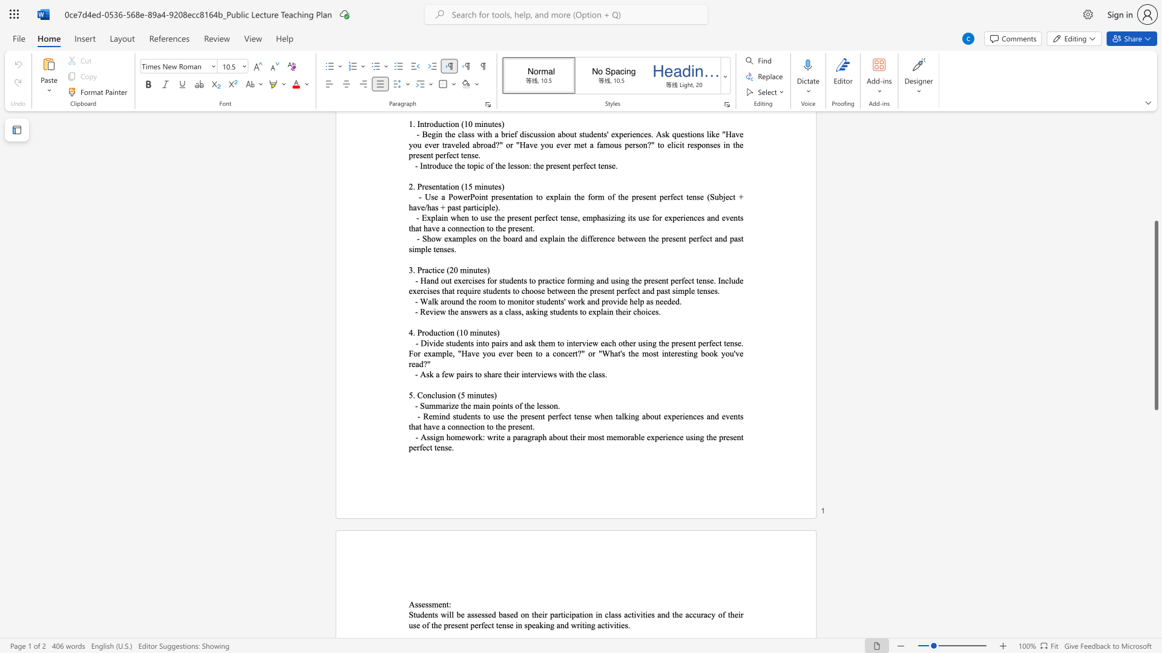 This screenshot has width=1162, height=653. What do you see at coordinates (620, 625) in the screenshot?
I see `the 17th character "i" in the text` at bounding box center [620, 625].